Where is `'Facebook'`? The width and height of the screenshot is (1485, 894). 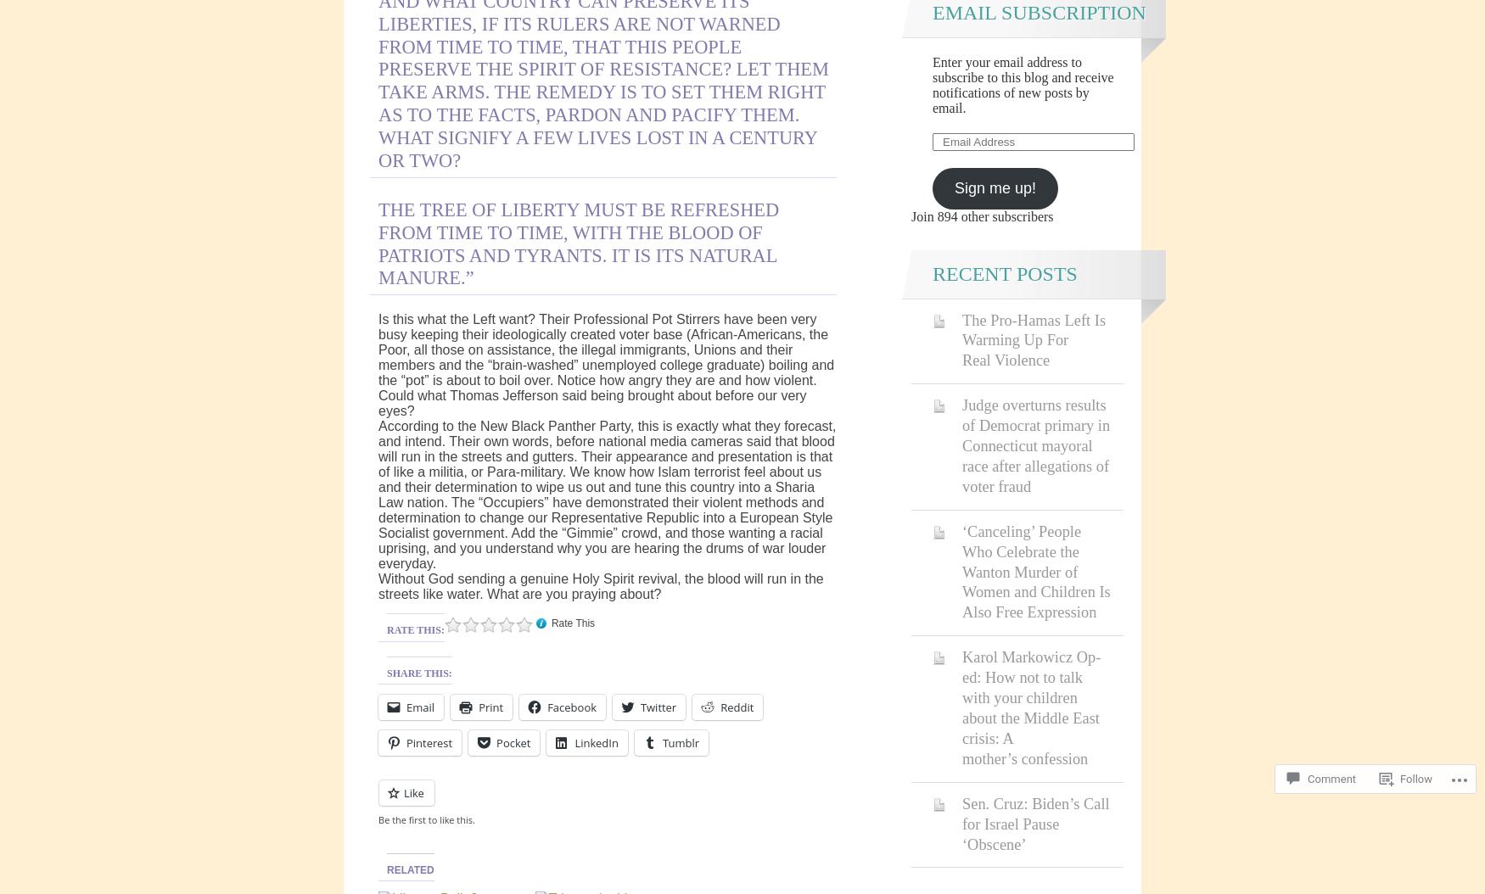
'Facebook' is located at coordinates (546, 707).